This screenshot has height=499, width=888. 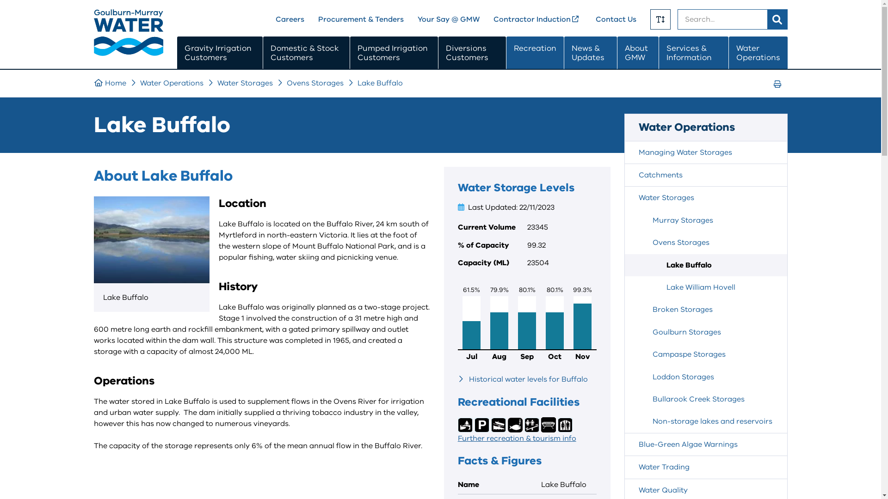 What do you see at coordinates (777, 84) in the screenshot?
I see `'Print Page'` at bounding box center [777, 84].